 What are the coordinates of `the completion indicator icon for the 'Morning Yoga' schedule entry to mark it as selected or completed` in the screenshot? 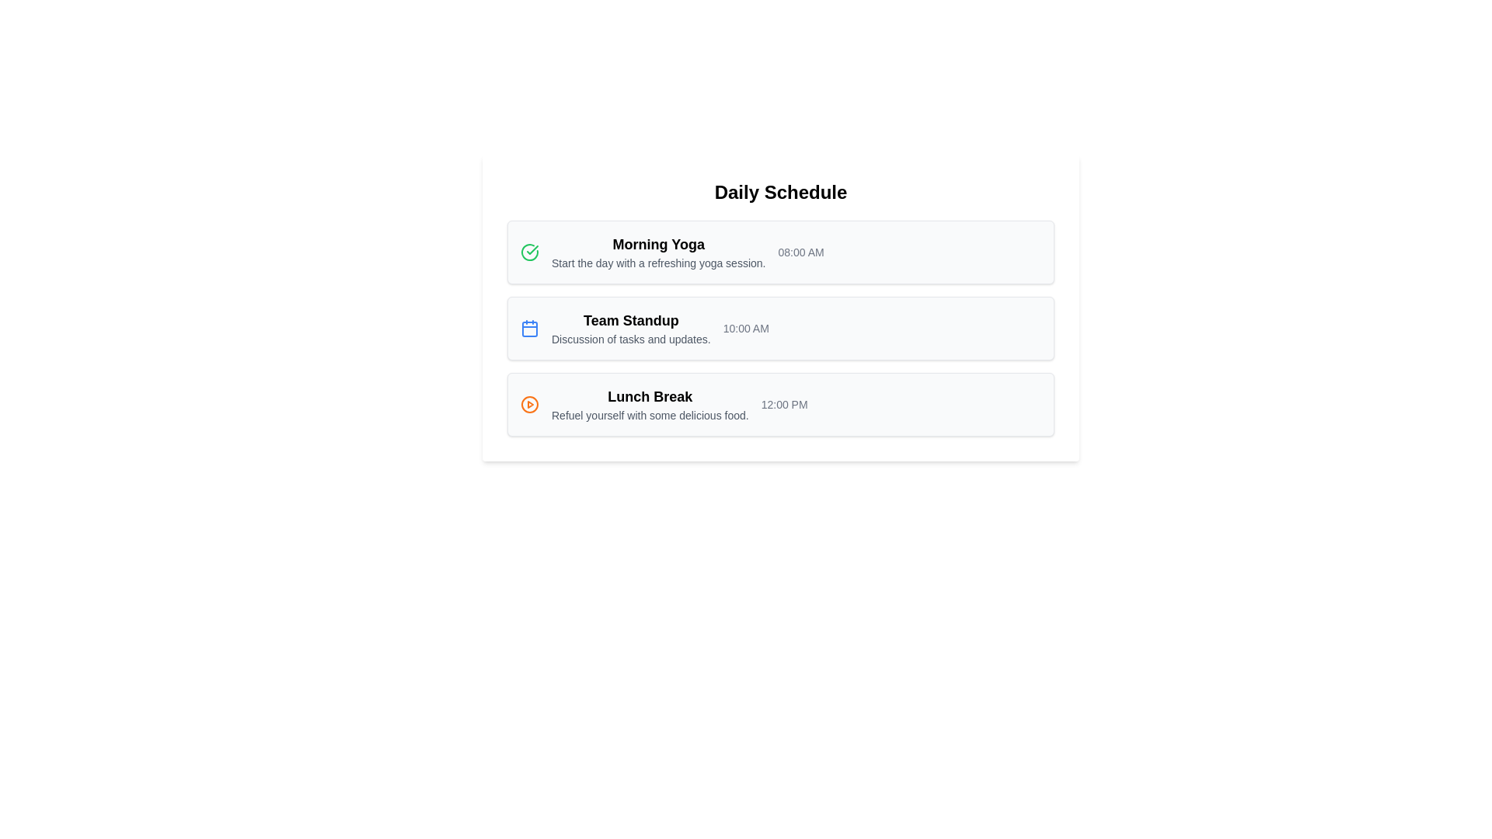 It's located at (529, 251).